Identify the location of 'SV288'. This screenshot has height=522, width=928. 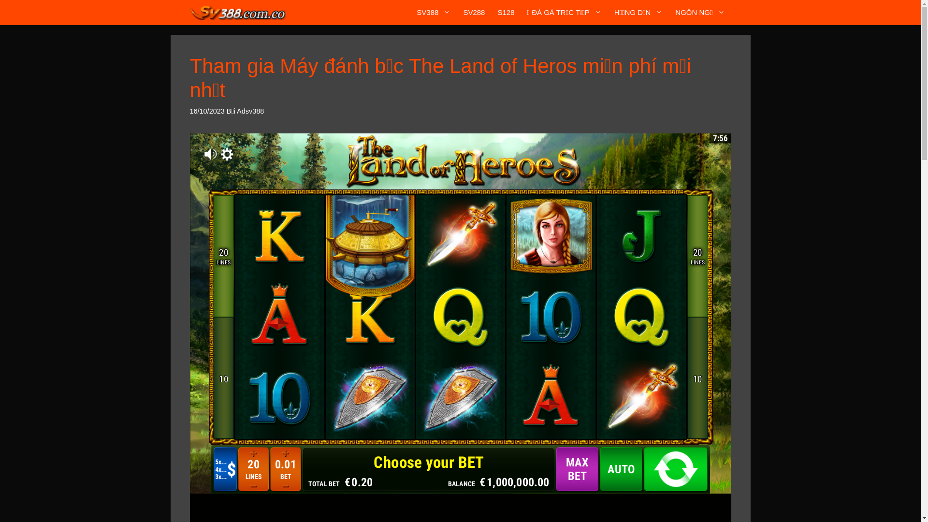
(456, 13).